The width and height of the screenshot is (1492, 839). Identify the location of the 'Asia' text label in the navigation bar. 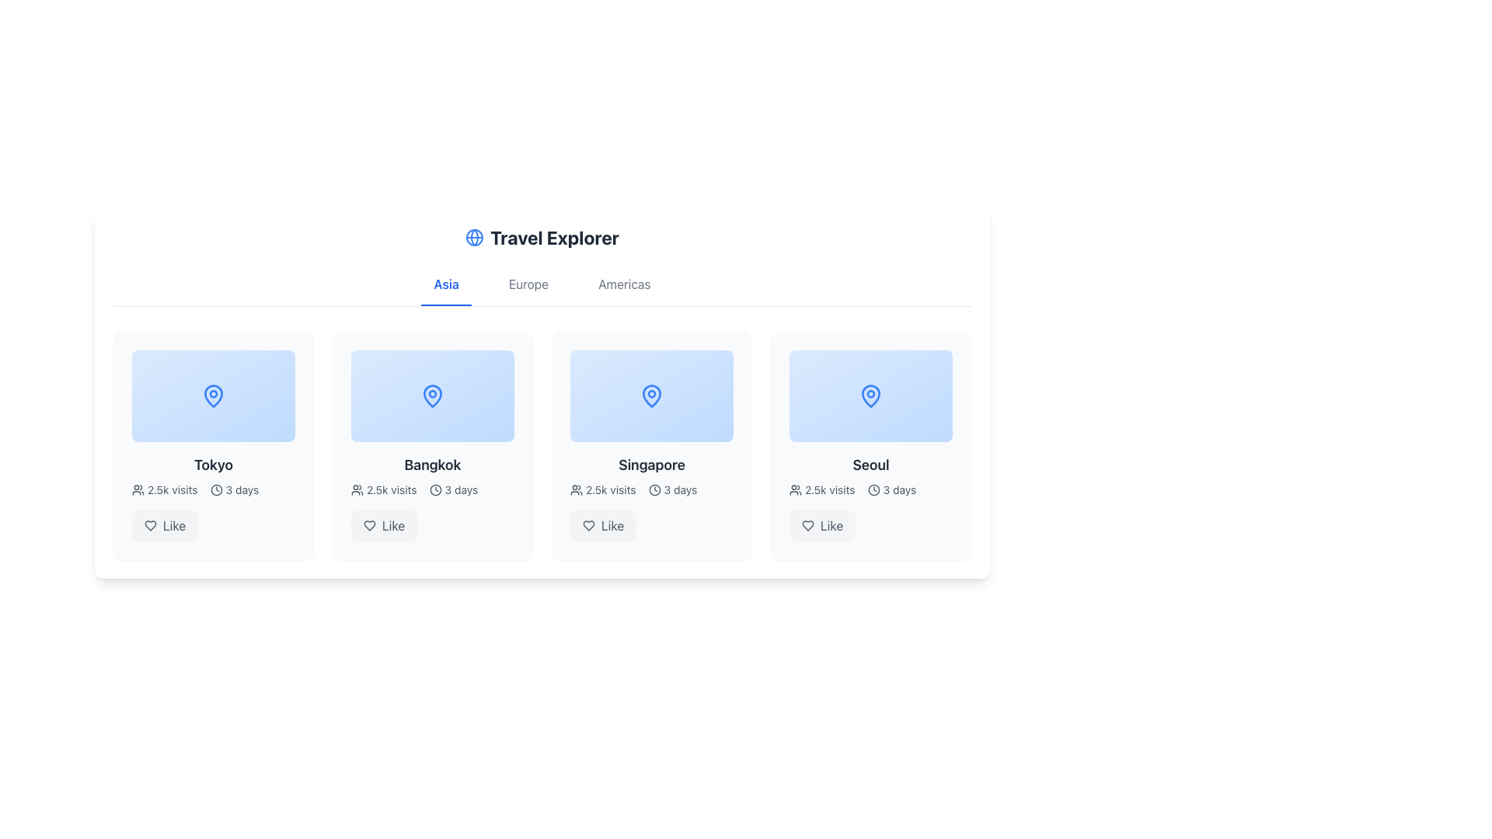
(445, 291).